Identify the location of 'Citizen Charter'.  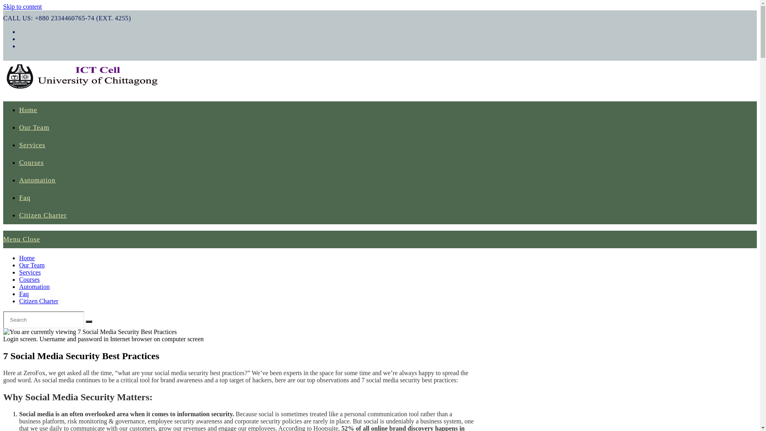
(38, 301).